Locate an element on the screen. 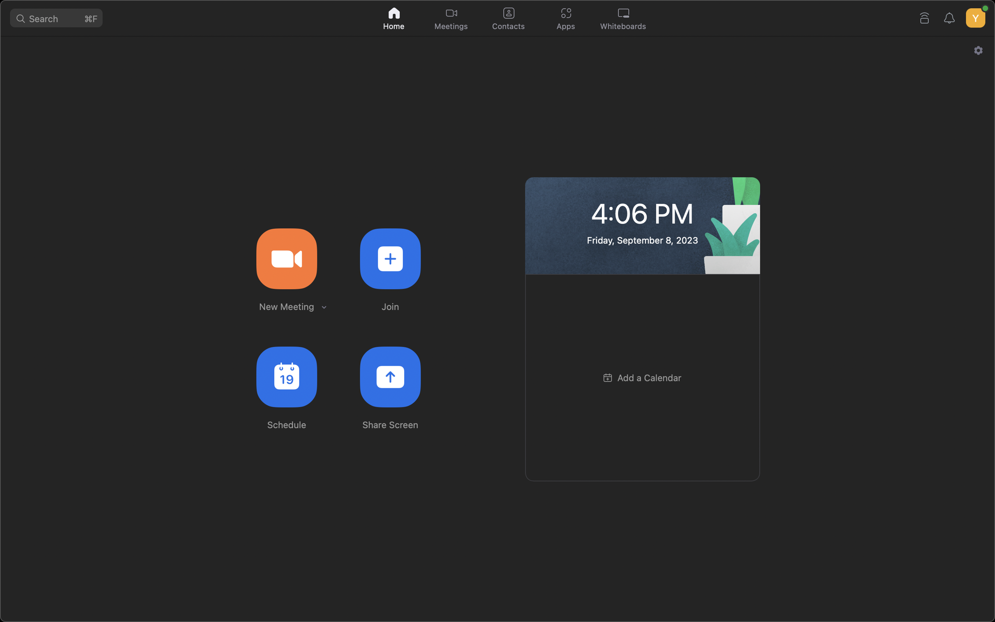 The width and height of the screenshot is (995, 622). Navigate back to the main page by clicking the home option is located at coordinates (394, 17).